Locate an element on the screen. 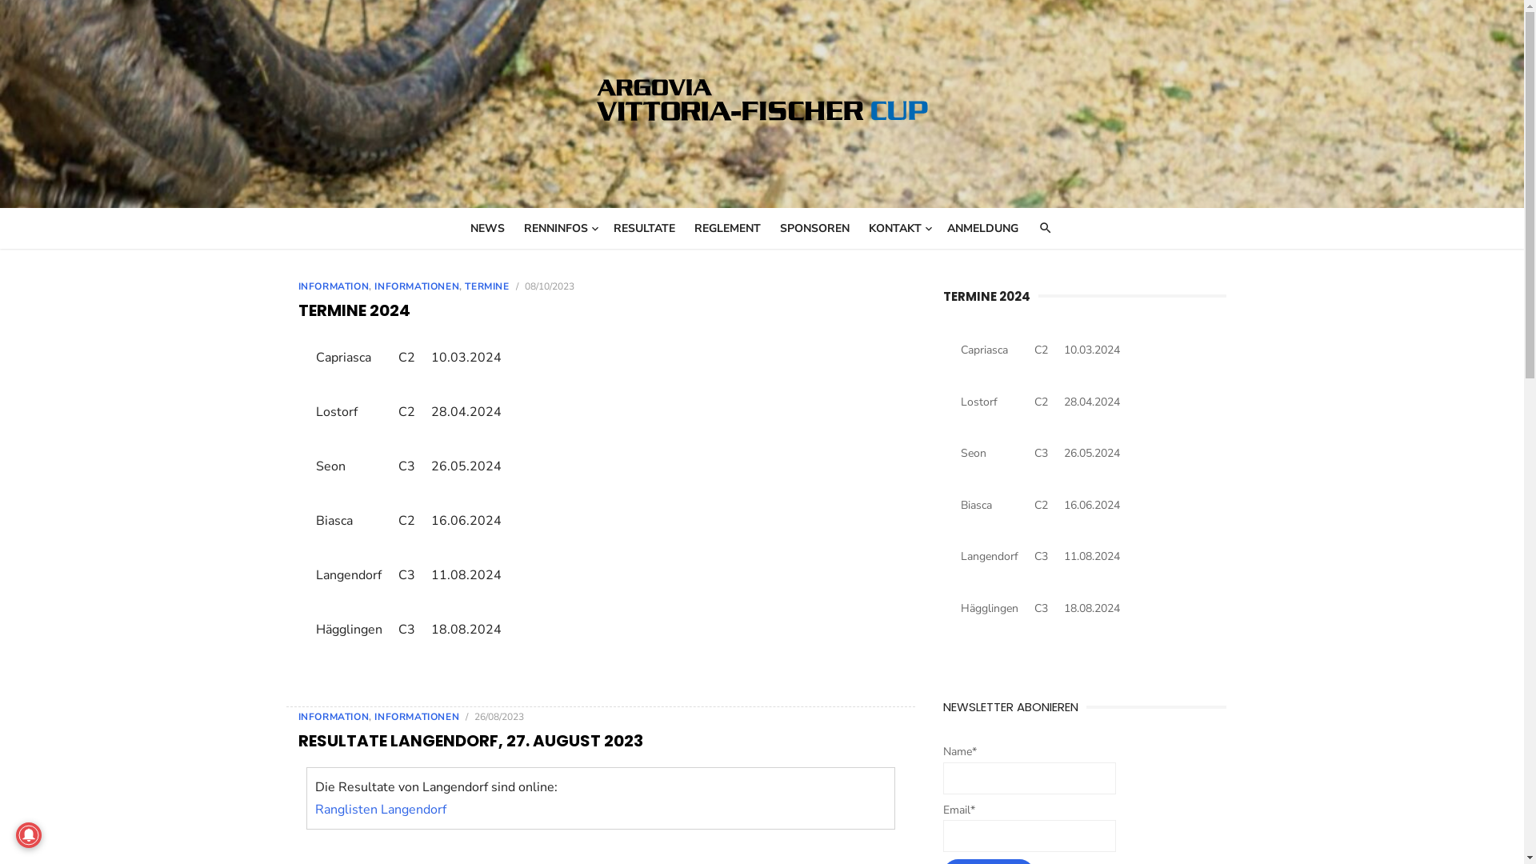 The height and width of the screenshot is (864, 1536). 'RENNINFOS' is located at coordinates (559, 228).